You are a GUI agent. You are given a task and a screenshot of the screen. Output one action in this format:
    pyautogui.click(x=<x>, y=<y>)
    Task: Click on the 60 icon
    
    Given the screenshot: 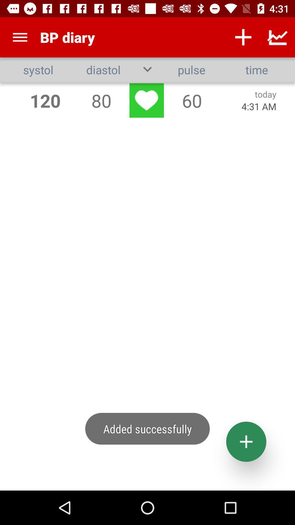 What is the action you would take?
    pyautogui.click(x=191, y=100)
    